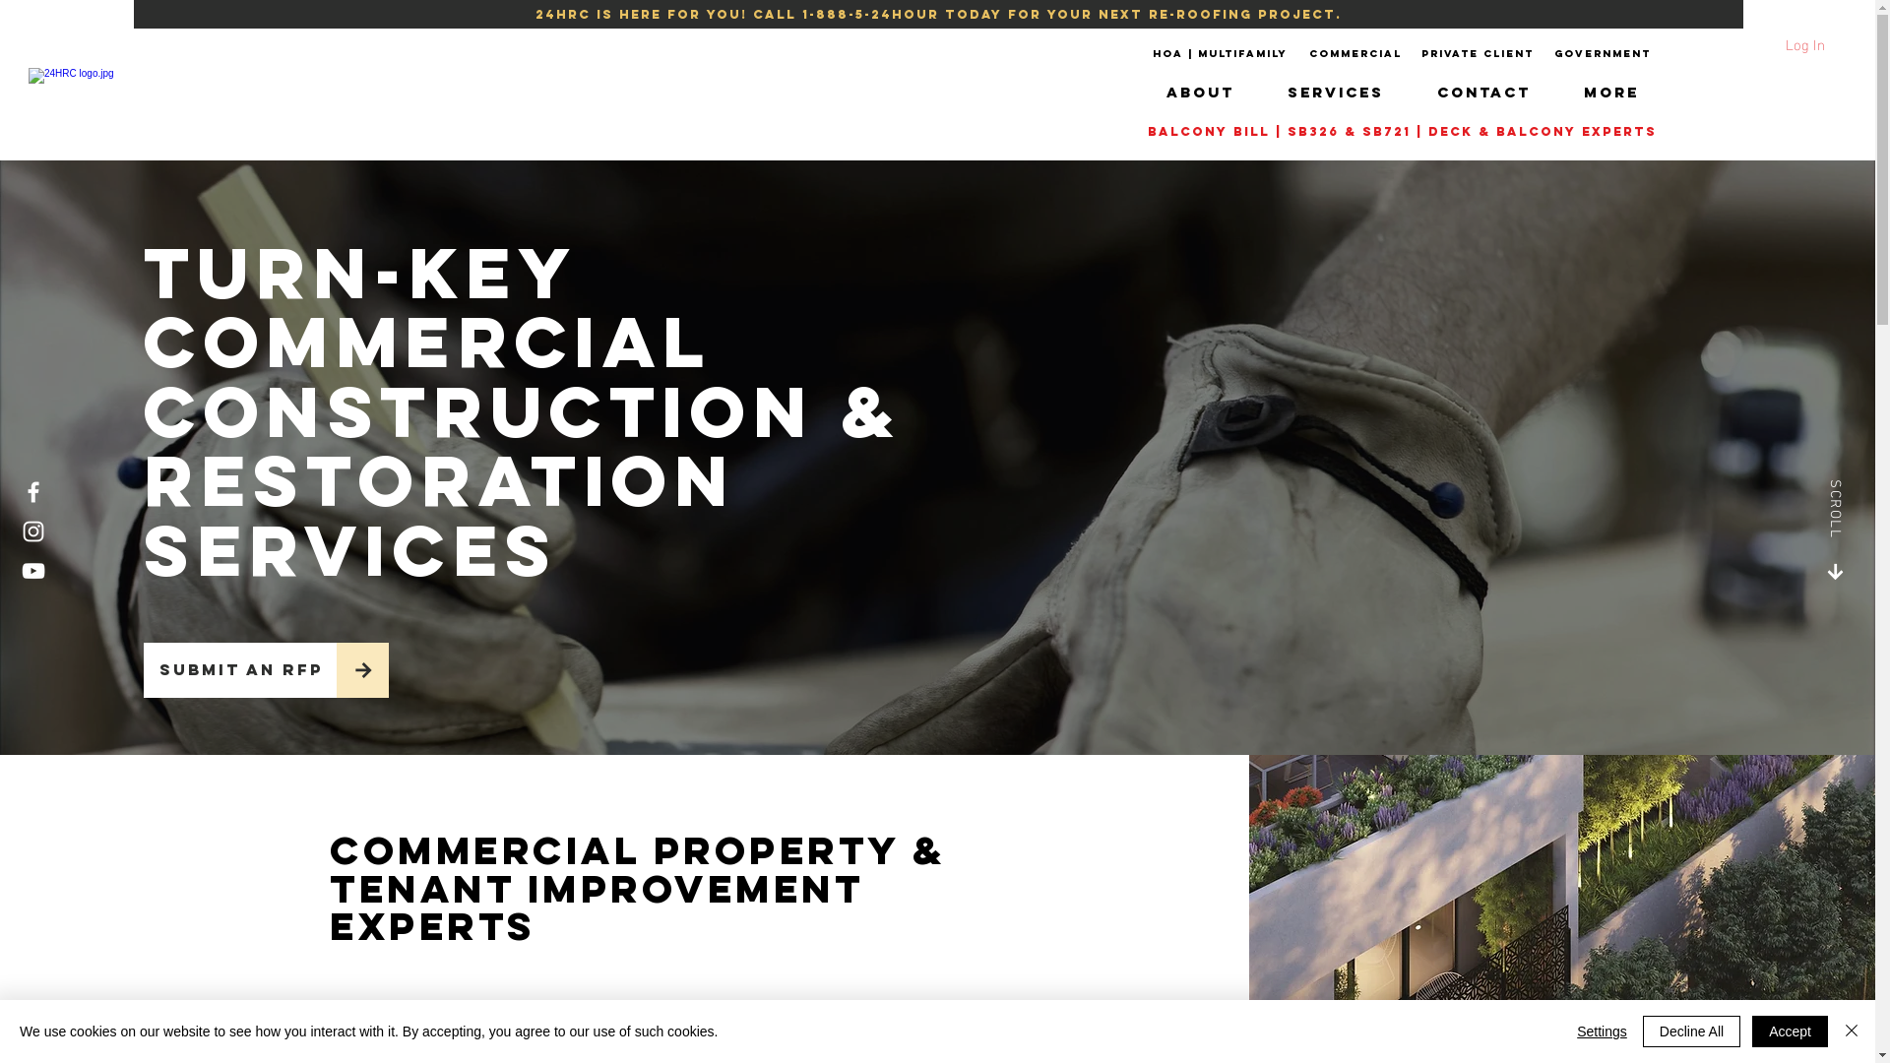  I want to click on 'Log In', so click(1735, 42).